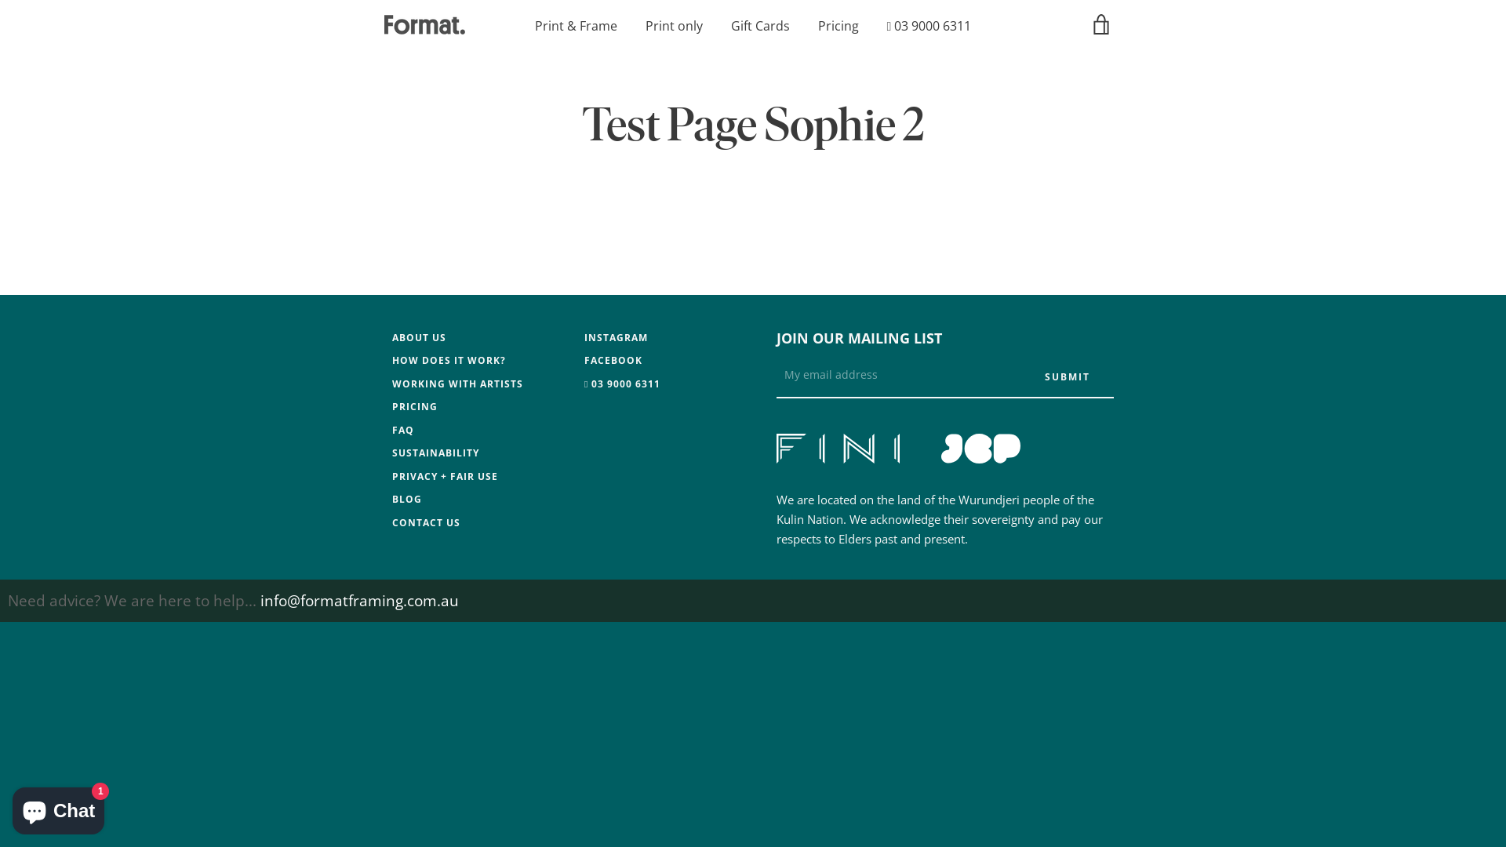 The image size is (1506, 847). I want to click on 'ABOUT US', so click(419, 336).